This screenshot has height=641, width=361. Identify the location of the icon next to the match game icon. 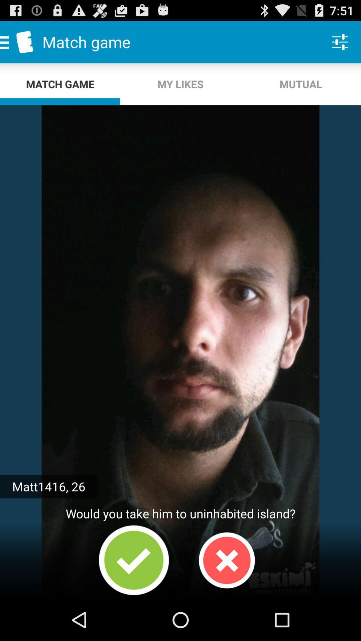
(180, 84).